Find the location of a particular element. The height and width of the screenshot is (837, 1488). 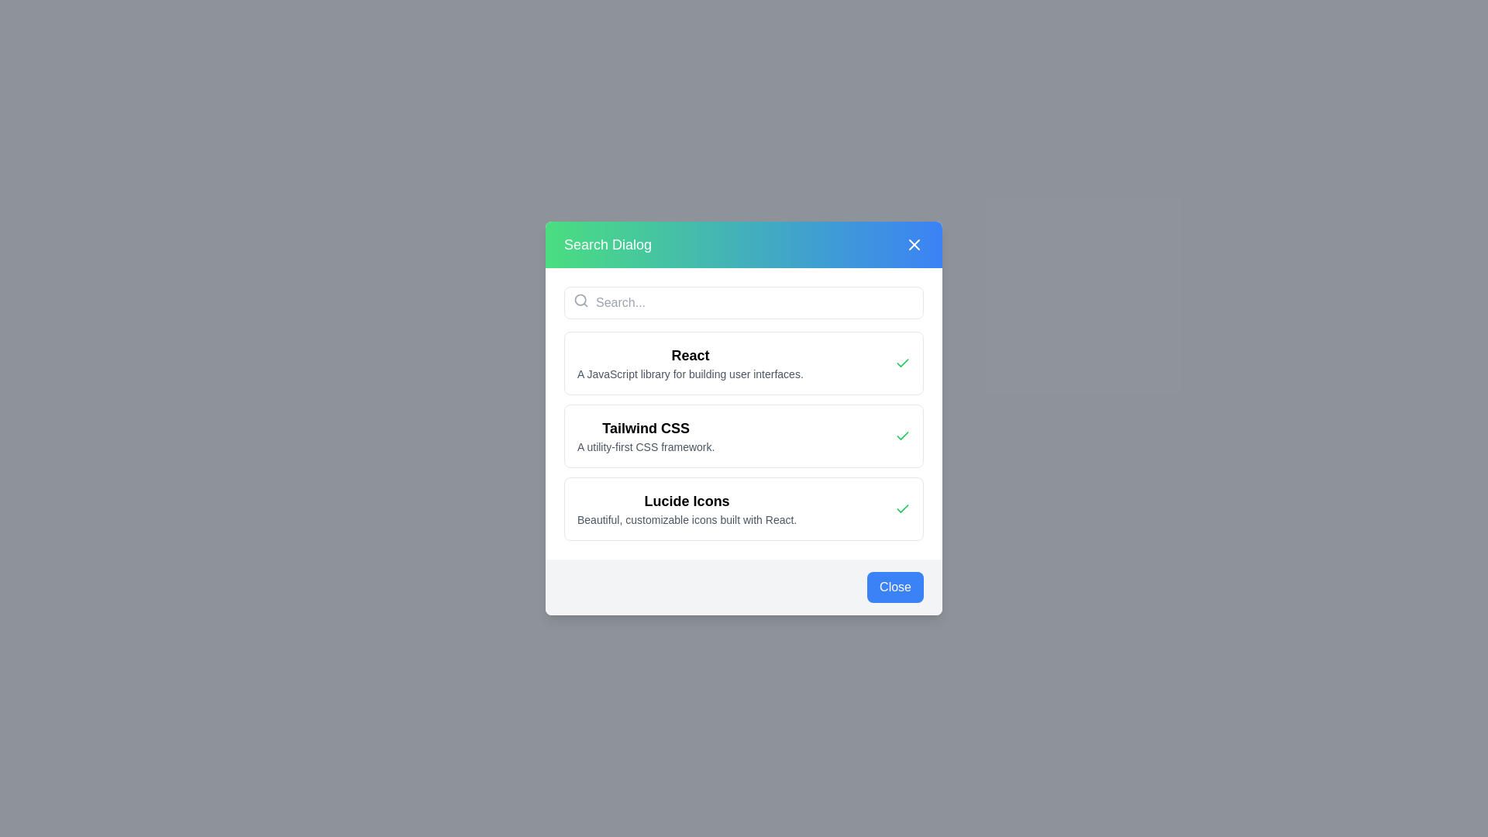

the close button icon, which is a small cross-shaped icon located in the top-right corner of the dialog box is located at coordinates (914, 244).